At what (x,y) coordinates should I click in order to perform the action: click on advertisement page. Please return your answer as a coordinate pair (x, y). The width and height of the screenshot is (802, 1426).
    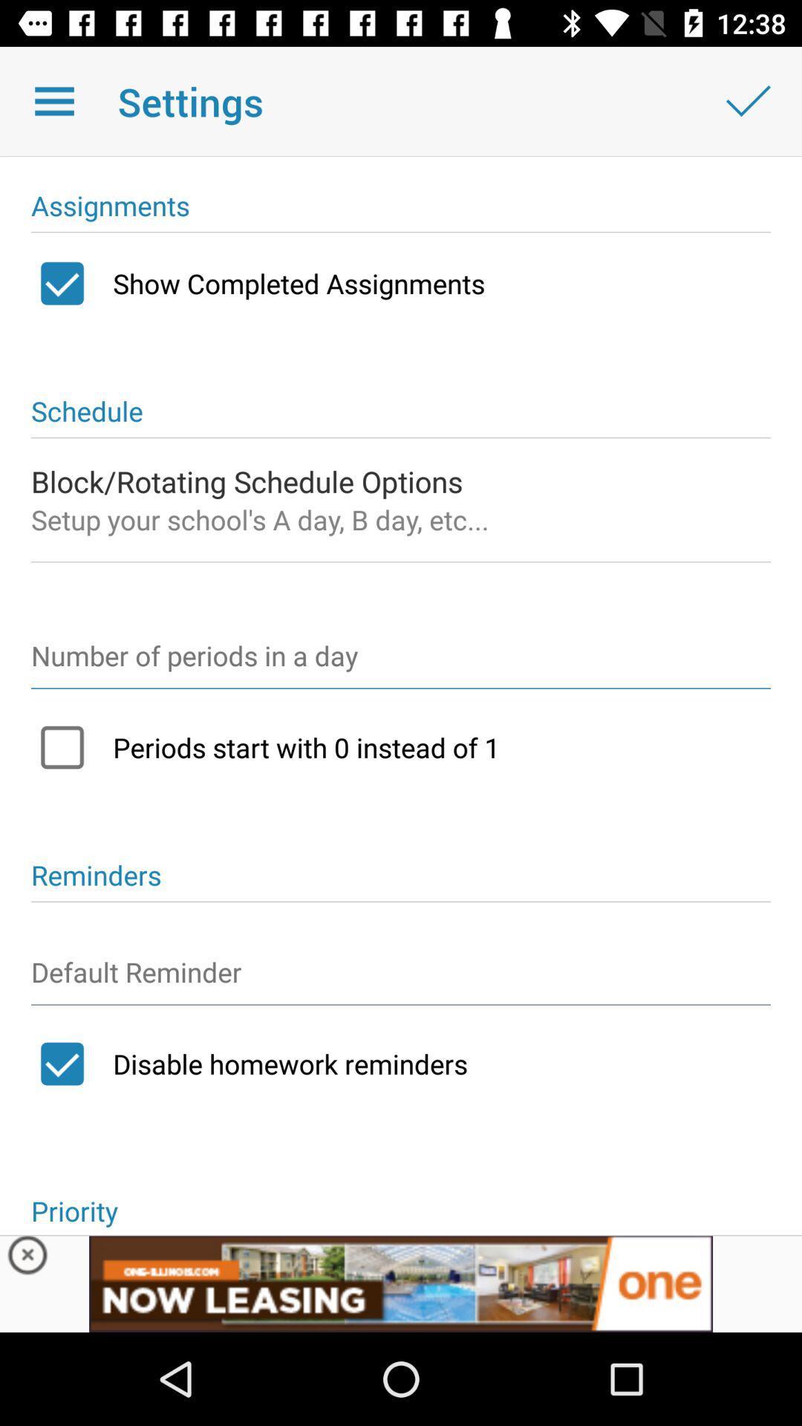
    Looking at the image, I should click on (401, 1283).